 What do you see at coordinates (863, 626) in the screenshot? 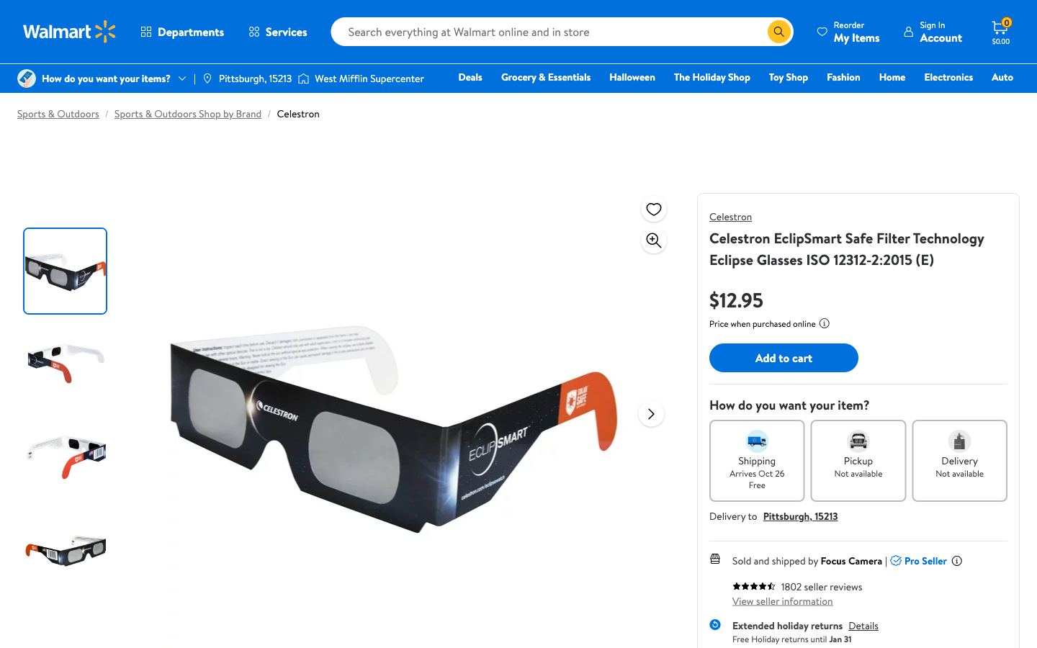
I see `Check return provisions of the selected product` at bounding box center [863, 626].